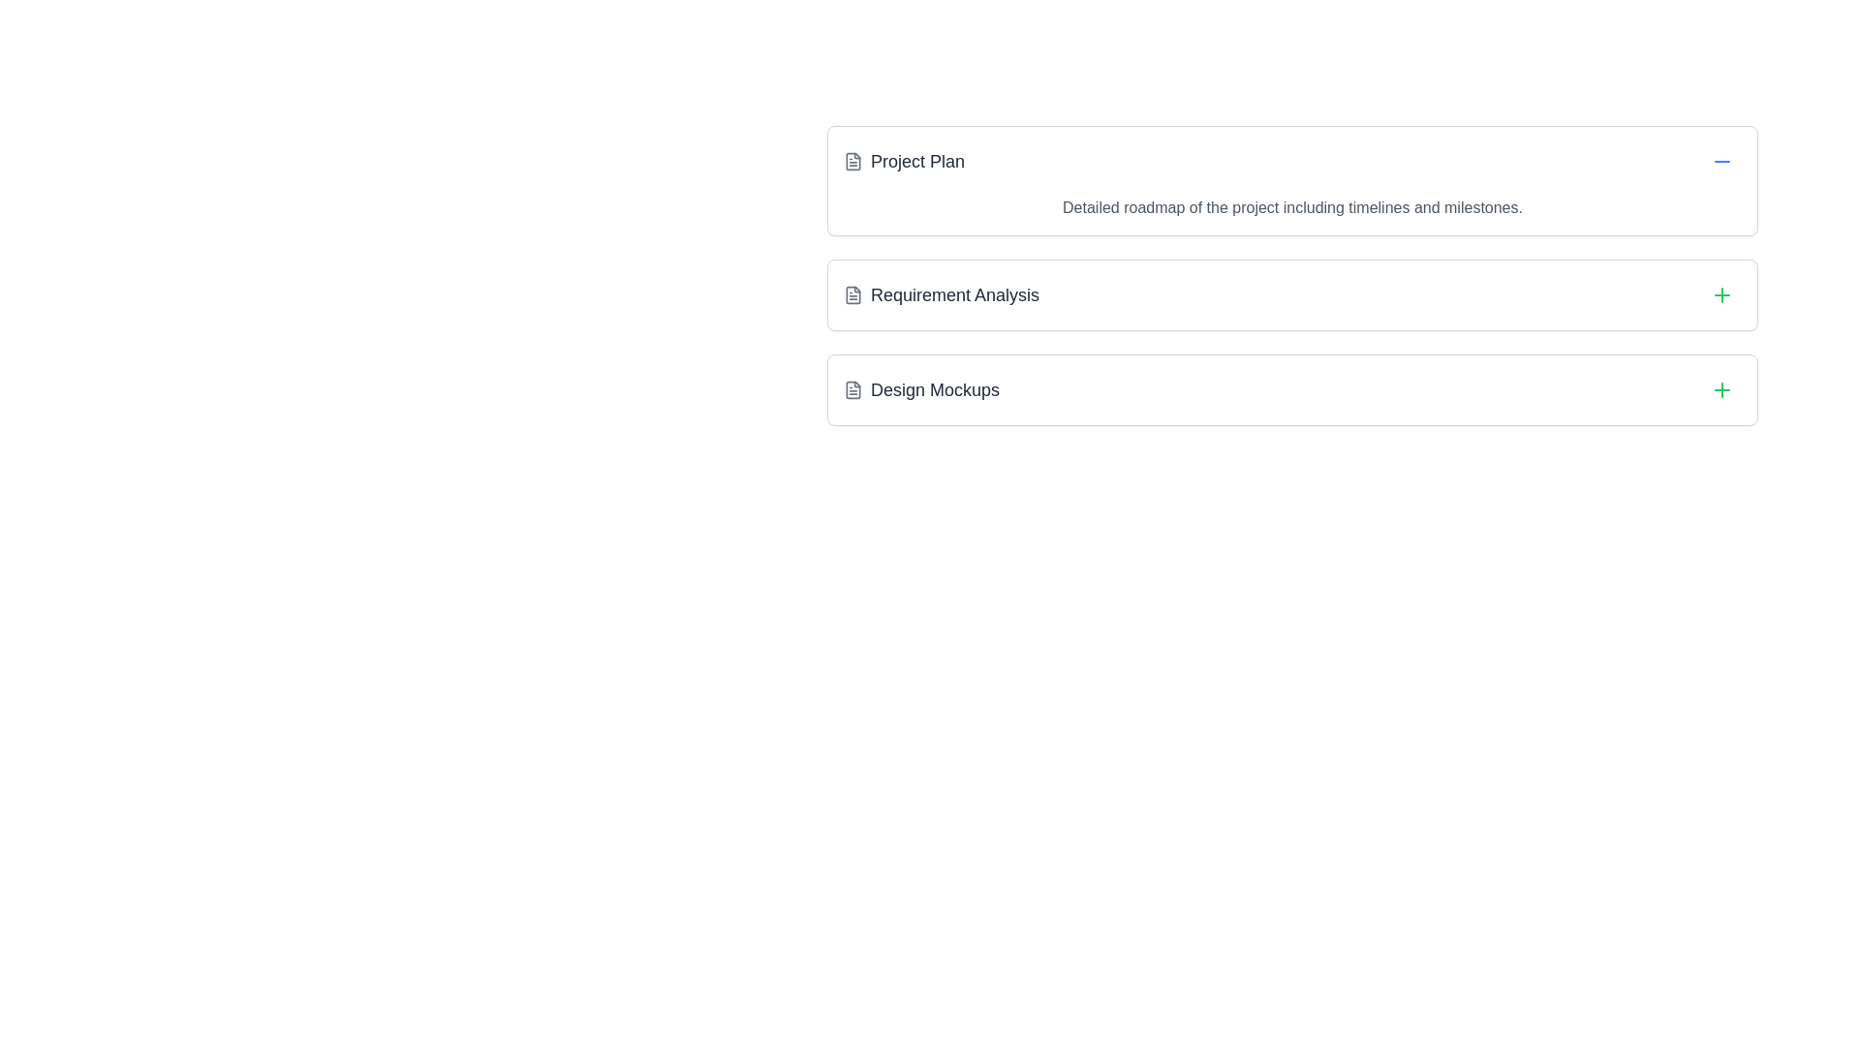 The image size is (1860, 1046). What do you see at coordinates (1721, 160) in the screenshot?
I see `the circular button with a blue minus icon located at the far right of the 'Project Plan' component` at bounding box center [1721, 160].